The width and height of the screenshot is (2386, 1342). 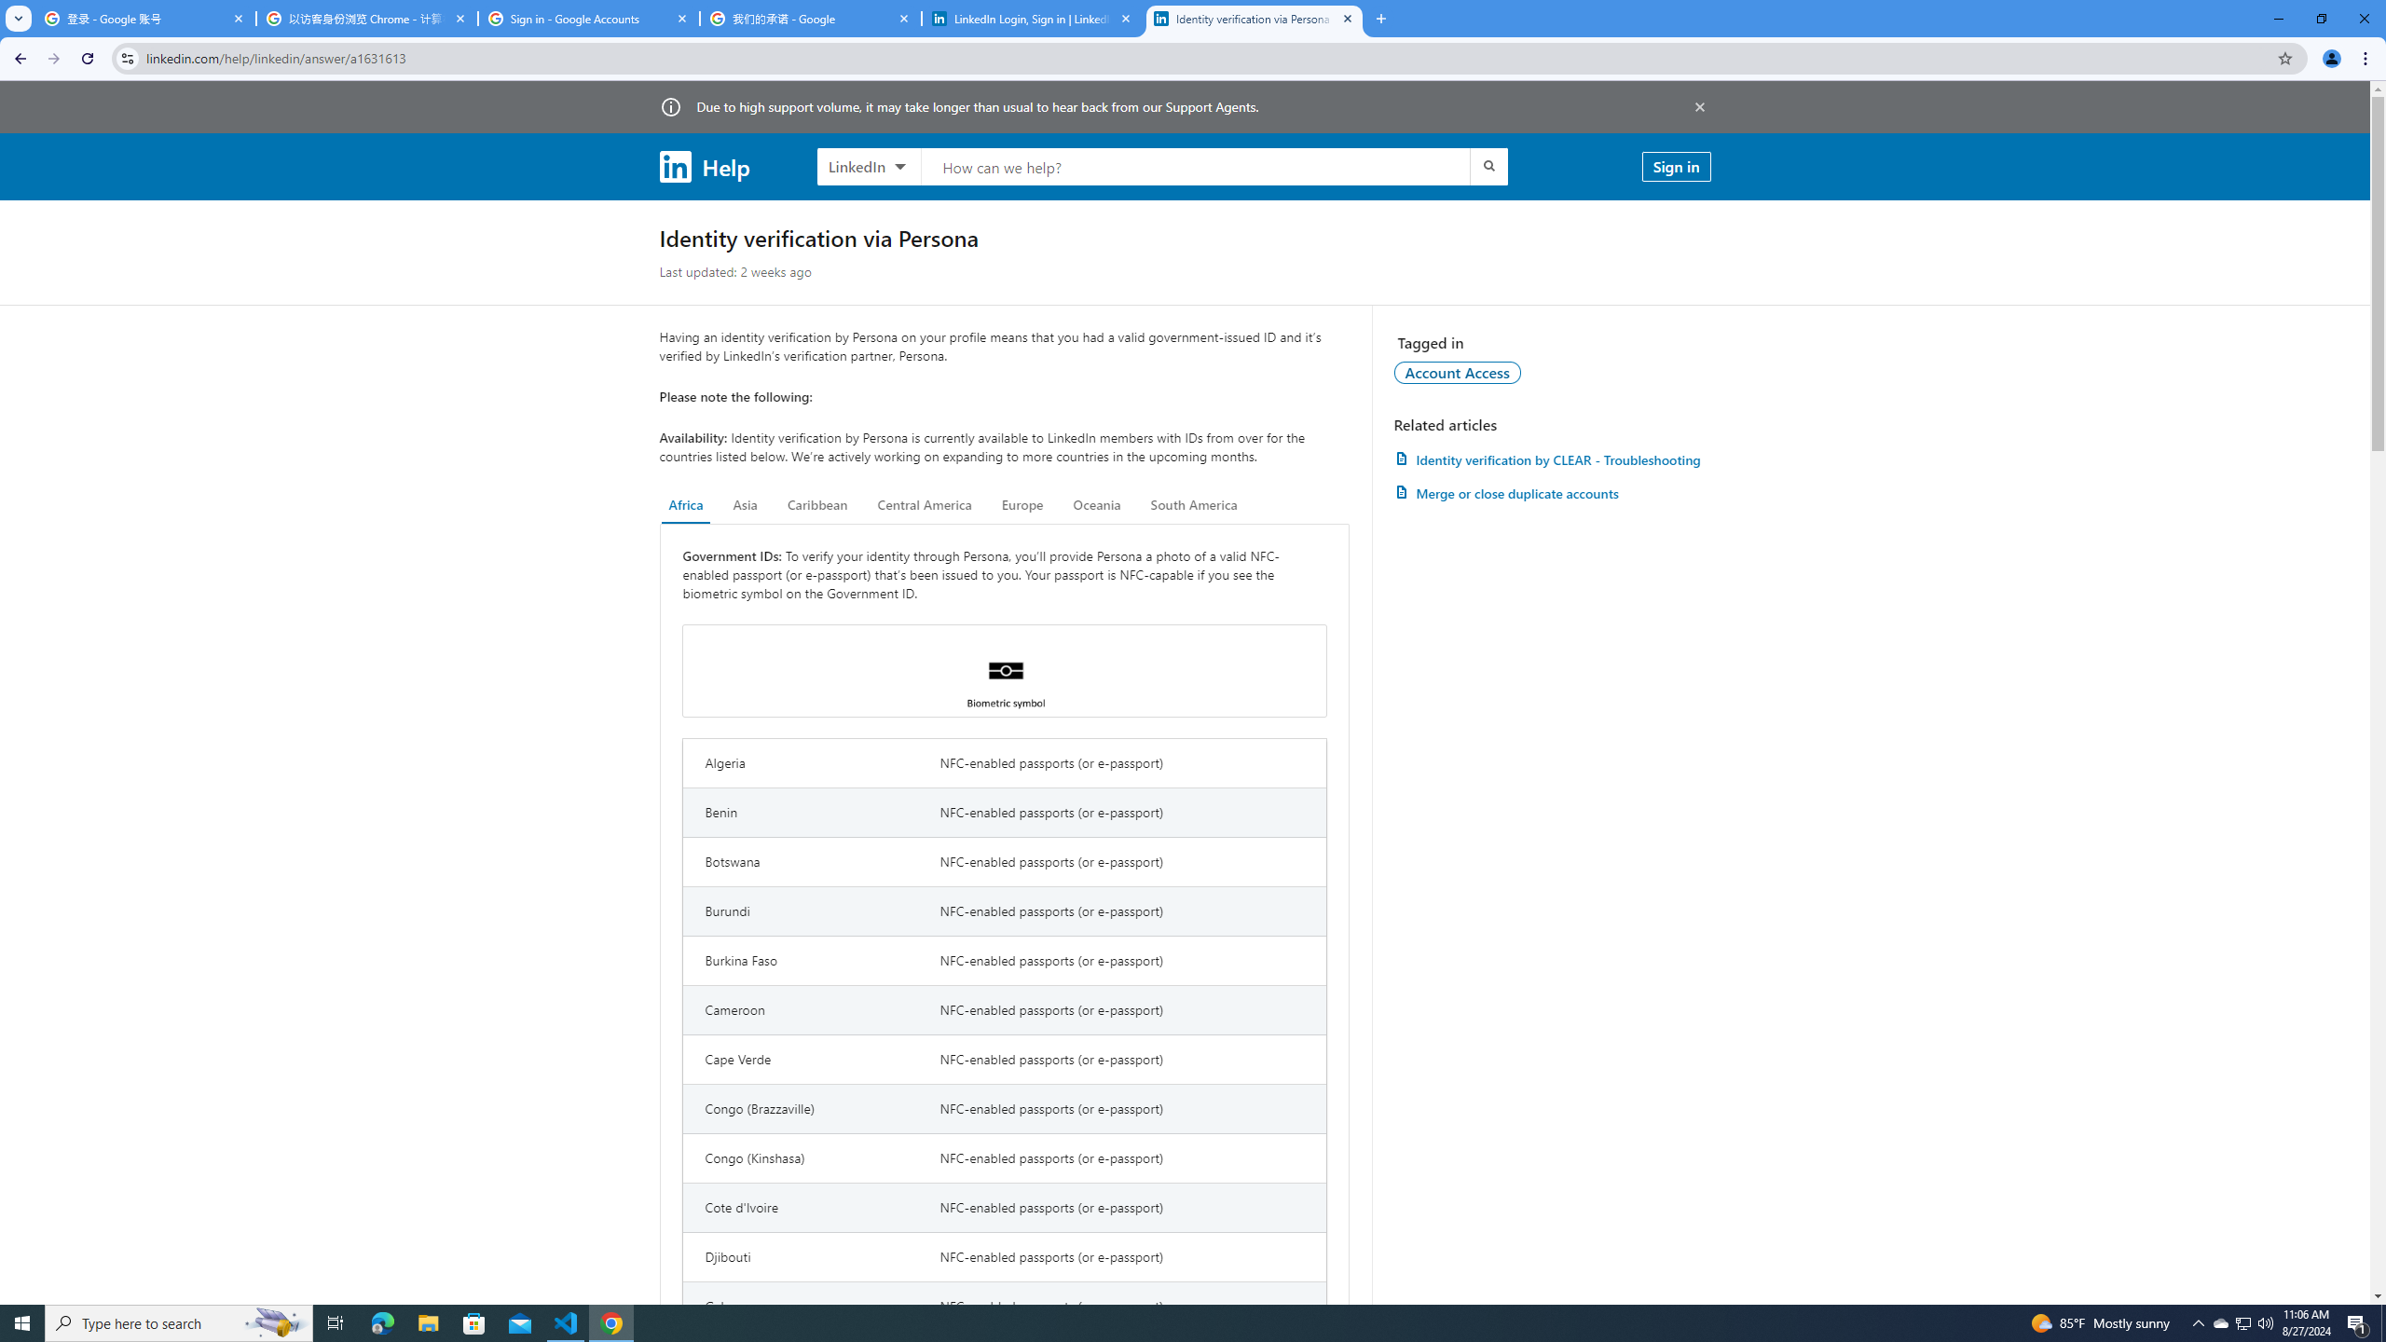 I want to click on 'Identity verification via Persona | LinkedIn Help', so click(x=1254, y=18).